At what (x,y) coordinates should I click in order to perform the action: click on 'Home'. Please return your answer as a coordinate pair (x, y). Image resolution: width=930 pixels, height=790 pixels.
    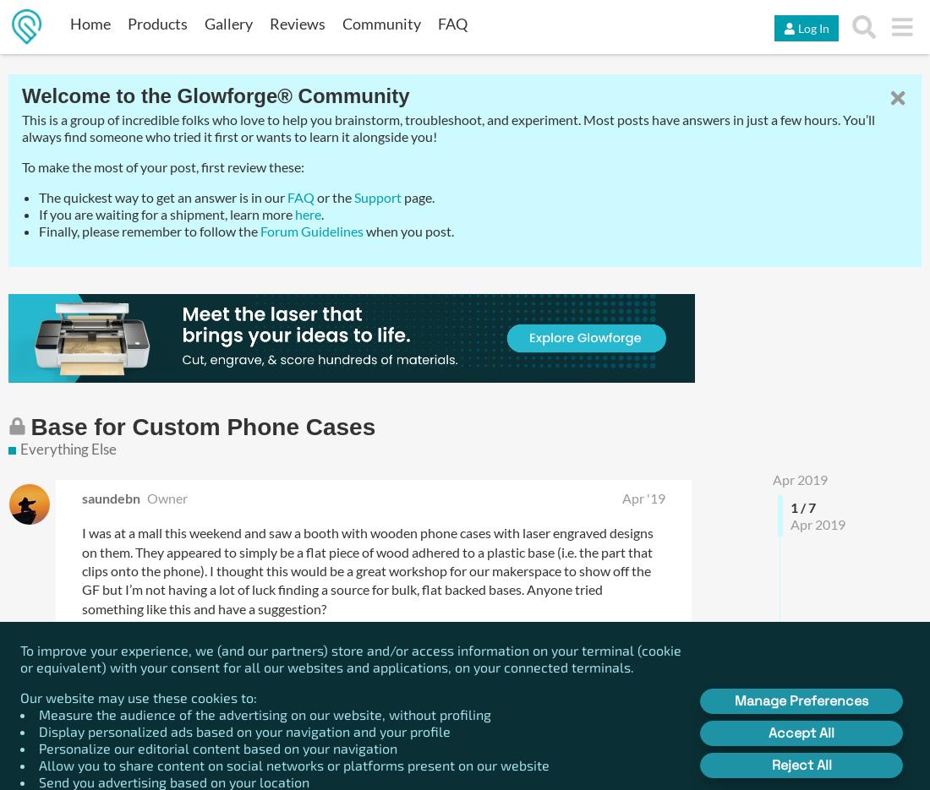
    Looking at the image, I should click on (90, 22).